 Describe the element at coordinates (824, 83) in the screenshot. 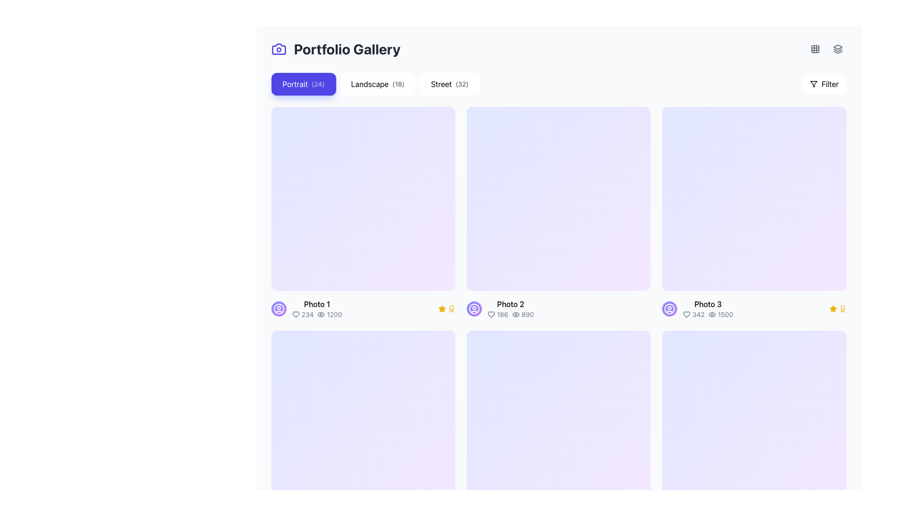

I see `the 'Filter' button, which features a funnel icon and is located in the top-right corner of the interface` at that location.